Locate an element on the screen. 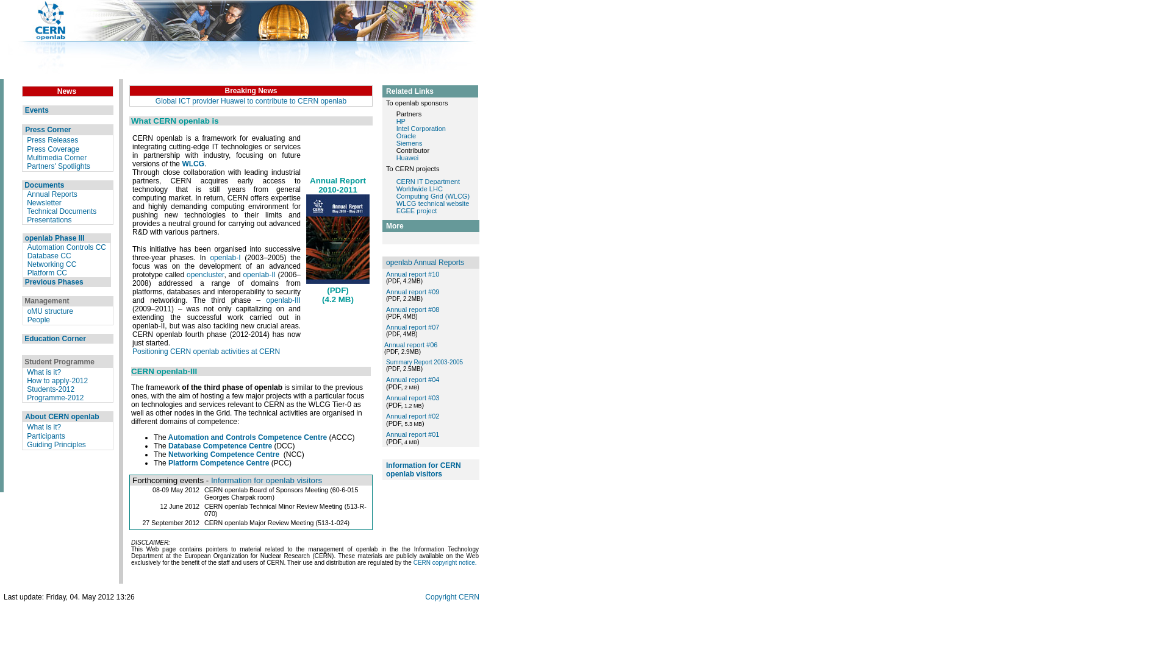 Image resolution: width=1171 pixels, height=658 pixels. 'Annual report #08' is located at coordinates (412, 309).